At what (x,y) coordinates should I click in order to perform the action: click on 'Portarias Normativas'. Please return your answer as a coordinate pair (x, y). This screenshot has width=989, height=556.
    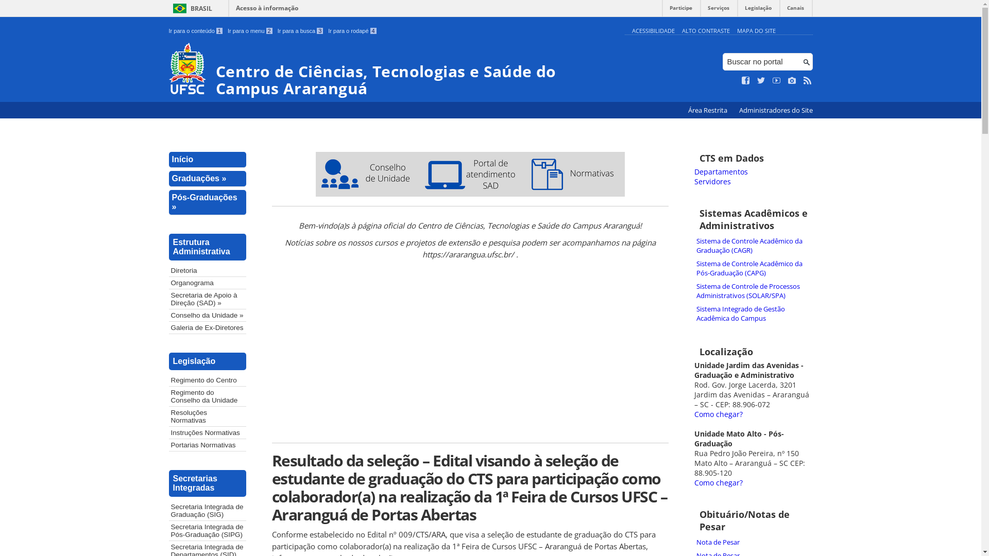
    Looking at the image, I should click on (207, 444).